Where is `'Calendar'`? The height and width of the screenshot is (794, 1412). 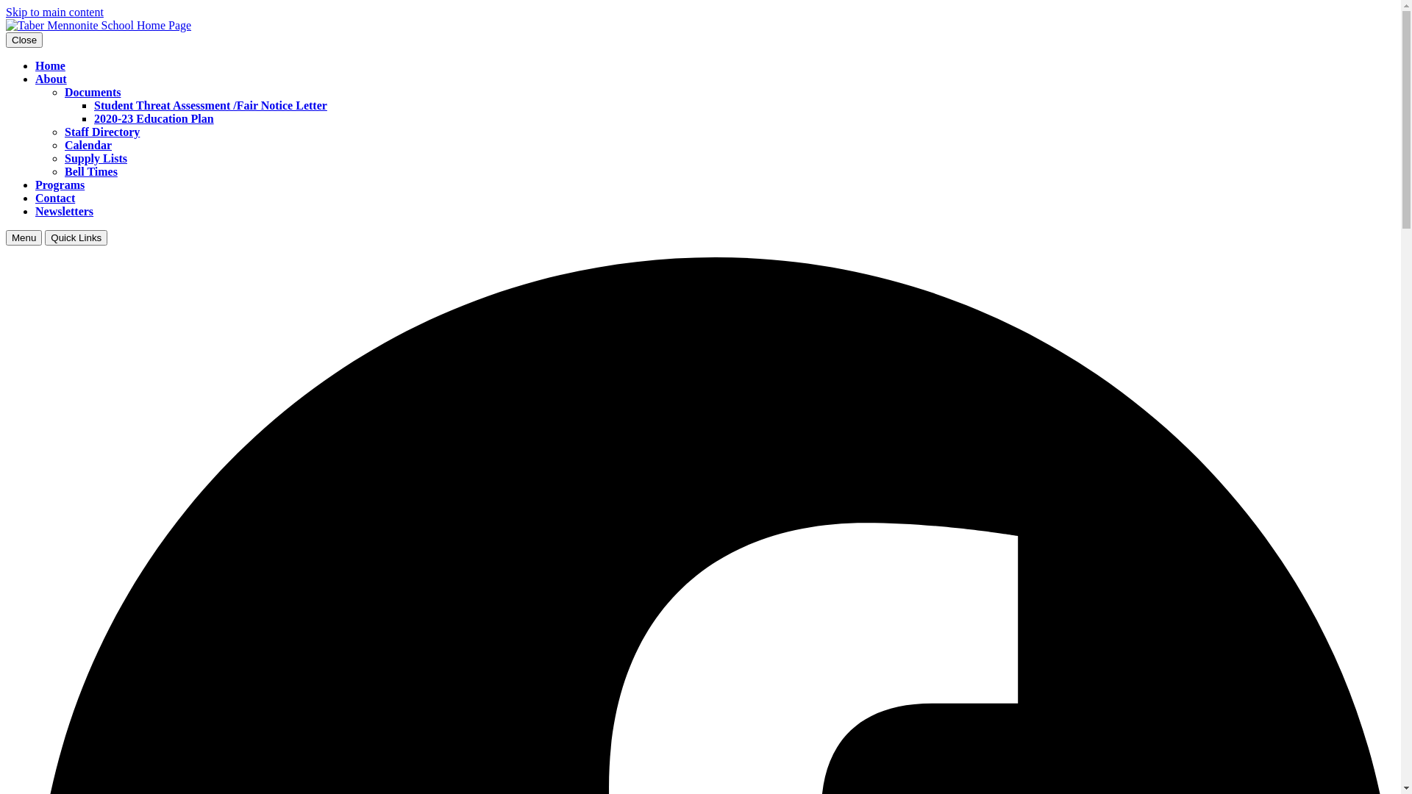
'Calendar' is located at coordinates (88, 145).